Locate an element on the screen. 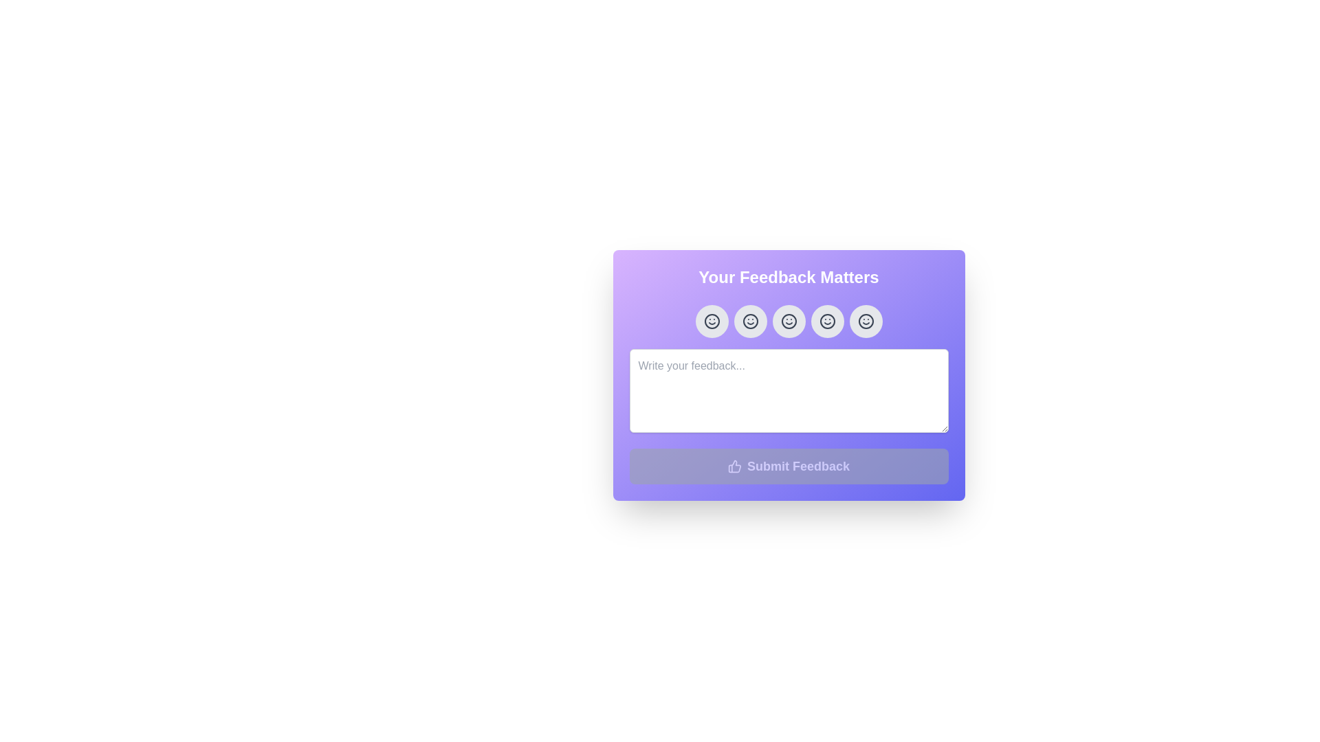  the second button from the left in the group of five sentiment buttons is located at coordinates (749, 321).